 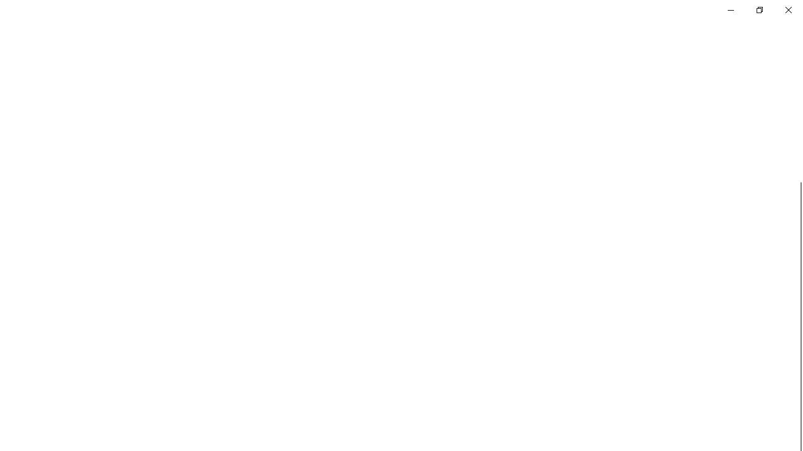 I want to click on 'Close Settings', so click(x=787, y=9).